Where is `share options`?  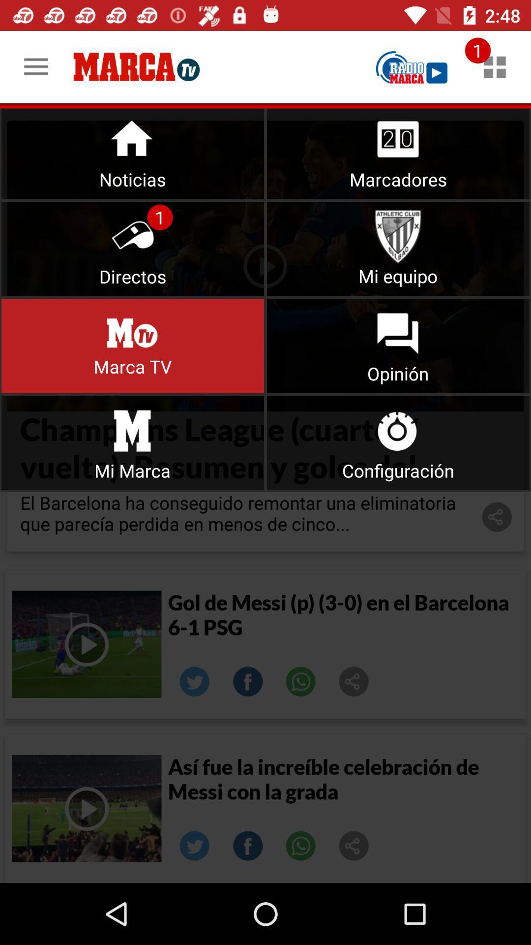 share options is located at coordinates (354, 845).